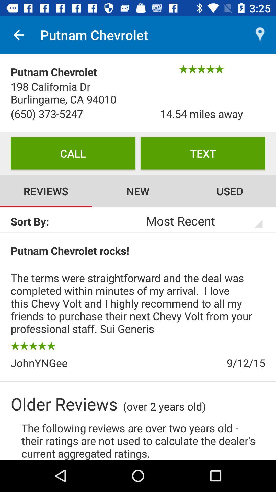  Describe the element at coordinates (74, 363) in the screenshot. I see `the icon next to the 9/12/15` at that location.